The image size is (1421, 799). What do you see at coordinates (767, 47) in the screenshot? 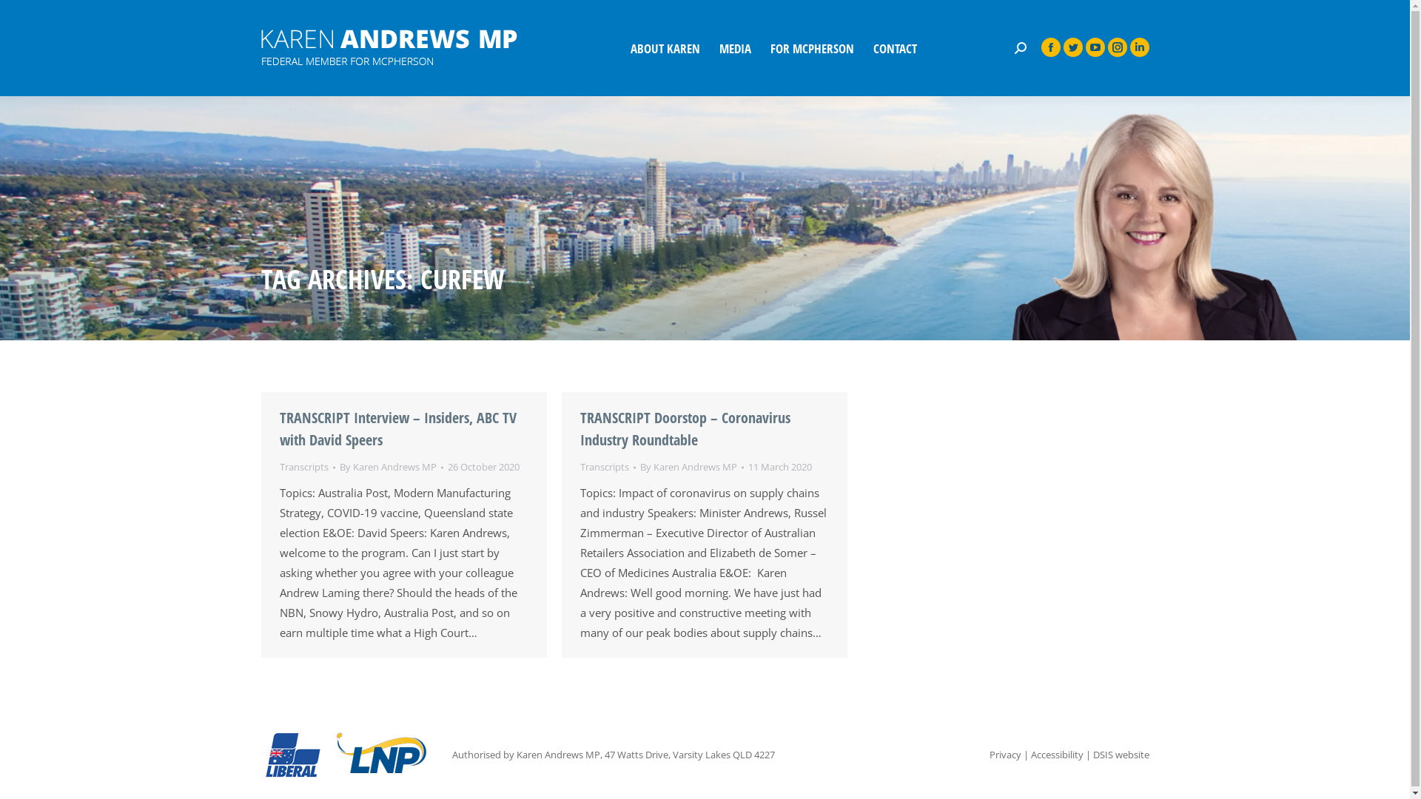
I see `'FOR MCPHERSON'` at bounding box center [767, 47].